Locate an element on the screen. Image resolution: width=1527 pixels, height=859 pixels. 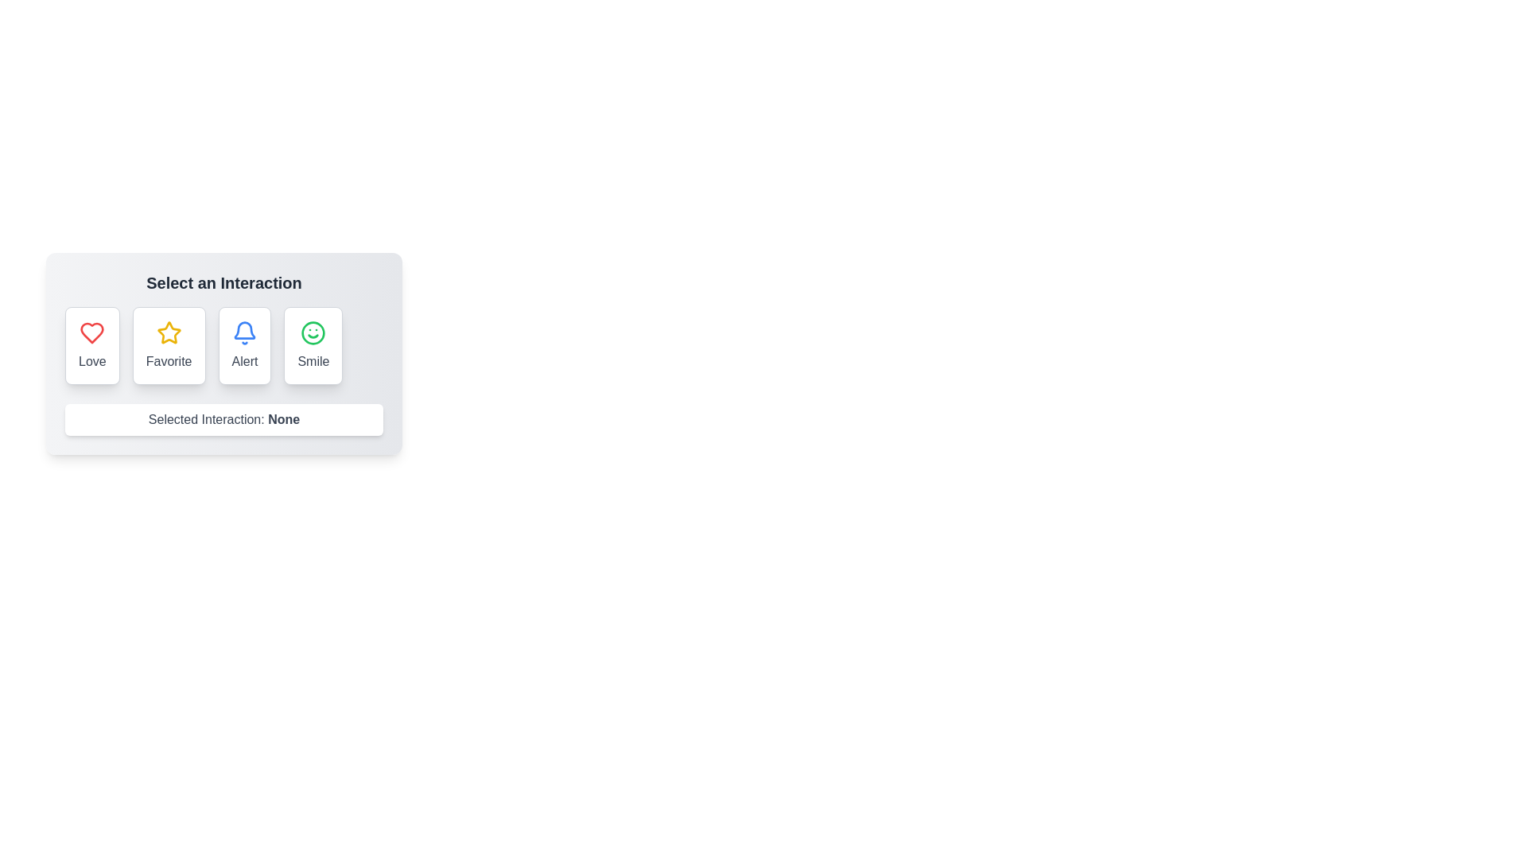
the interaction by clicking on the Smile button is located at coordinates (313, 345).